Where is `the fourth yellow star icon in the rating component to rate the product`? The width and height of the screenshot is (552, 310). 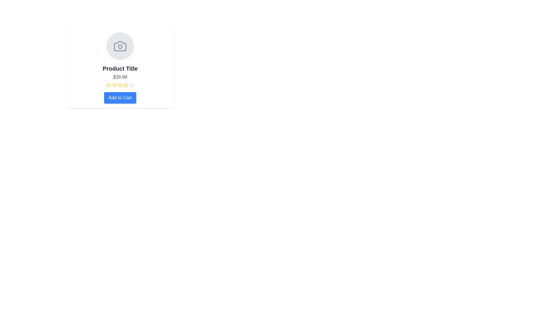 the fourth yellow star icon in the rating component to rate the product is located at coordinates (120, 85).